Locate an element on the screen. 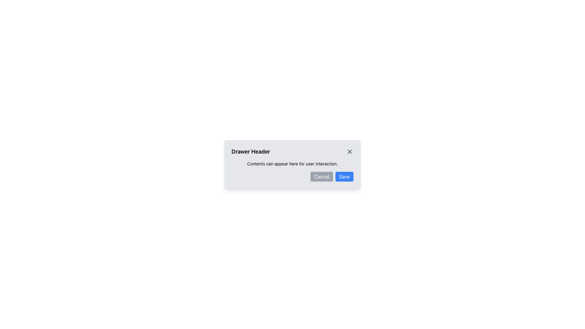 Image resolution: width=585 pixels, height=329 pixels. the 'Save' button located at the bottom-right corner of the dialog box is located at coordinates (344, 176).